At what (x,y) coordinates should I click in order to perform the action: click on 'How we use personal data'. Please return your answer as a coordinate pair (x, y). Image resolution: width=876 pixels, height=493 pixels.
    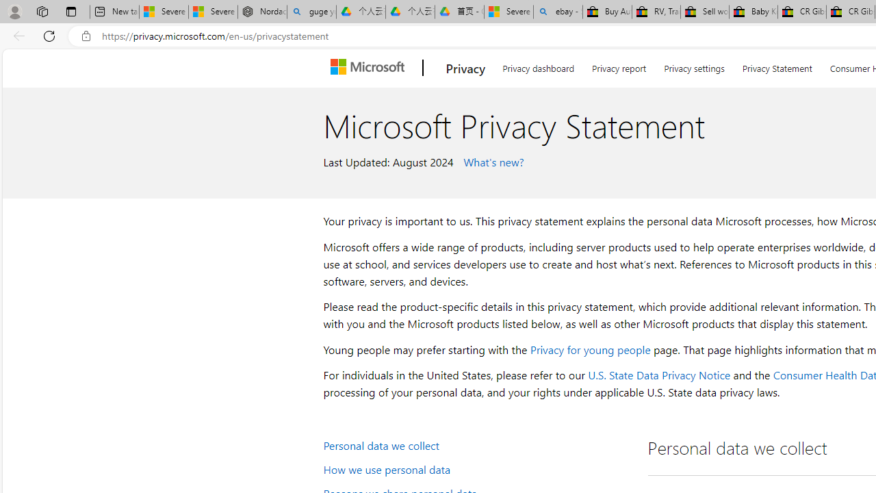
    Looking at the image, I should click on (476, 468).